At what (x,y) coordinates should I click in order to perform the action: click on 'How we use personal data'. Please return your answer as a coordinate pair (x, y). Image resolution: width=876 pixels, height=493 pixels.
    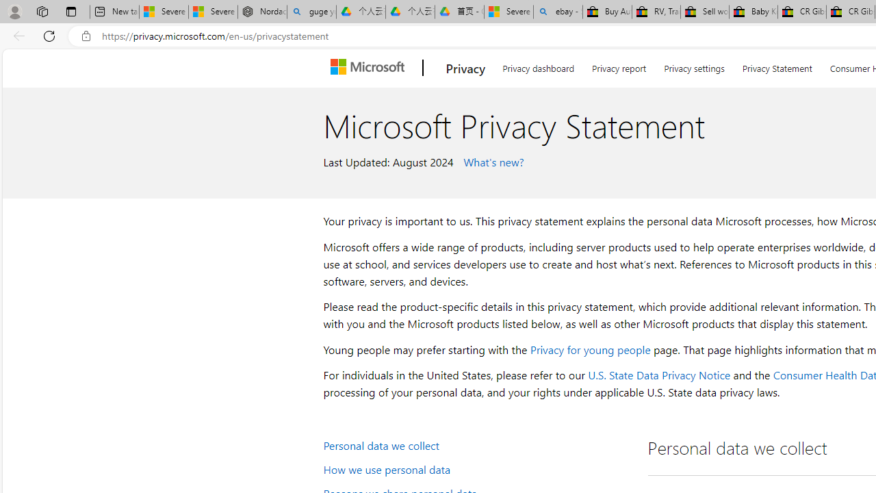
    Looking at the image, I should click on (476, 468).